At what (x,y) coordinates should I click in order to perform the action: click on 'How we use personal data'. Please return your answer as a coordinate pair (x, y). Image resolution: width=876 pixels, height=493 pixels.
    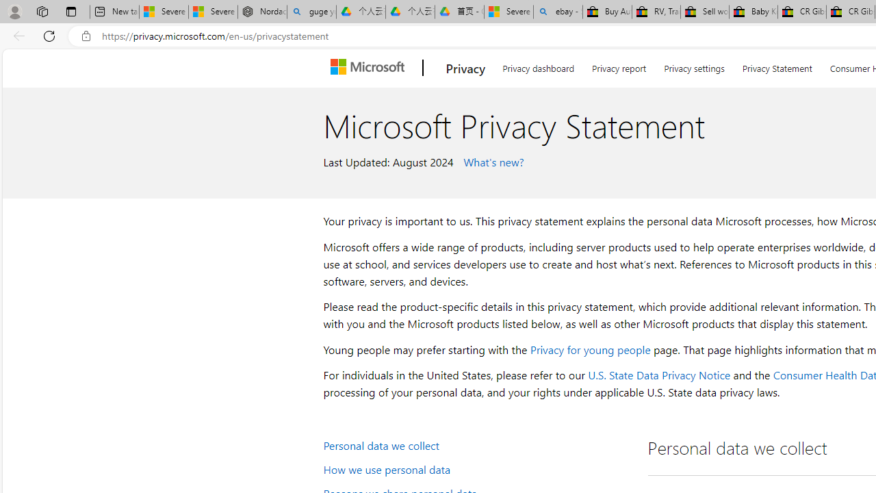
    Looking at the image, I should click on (476, 468).